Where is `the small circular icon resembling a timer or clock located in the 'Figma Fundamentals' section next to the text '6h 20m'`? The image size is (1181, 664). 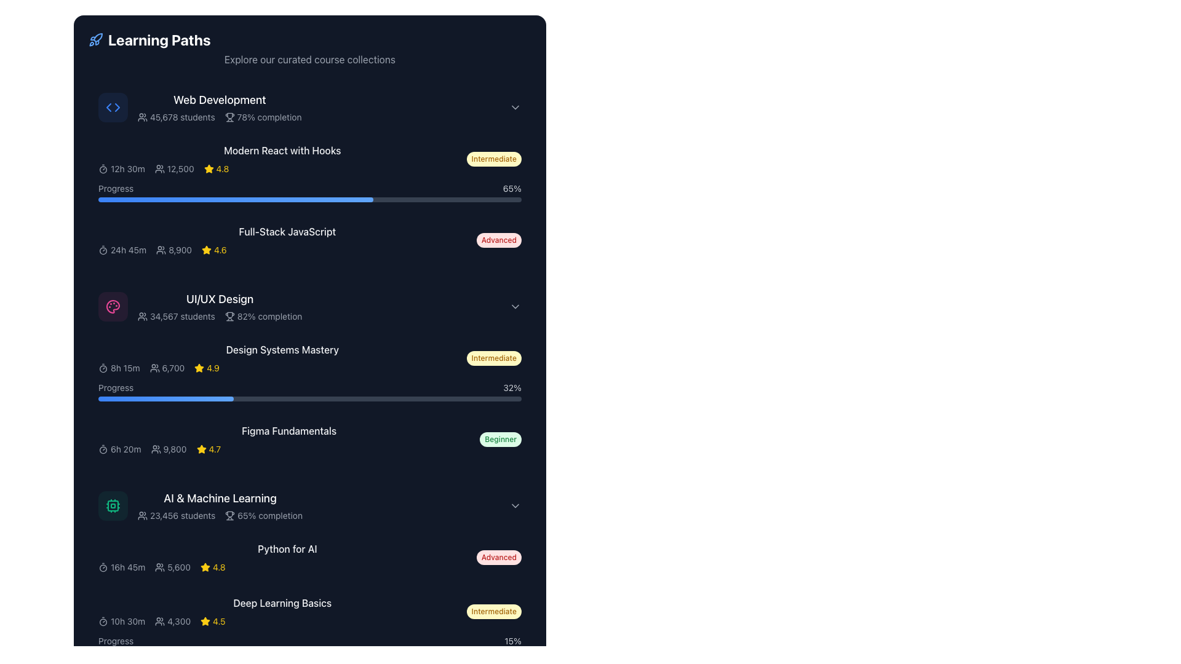 the small circular icon resembling a timer or clock located in the 'Figma Fundamentals' section next to the text '6h 20m' is located at coordinates (103, 449).